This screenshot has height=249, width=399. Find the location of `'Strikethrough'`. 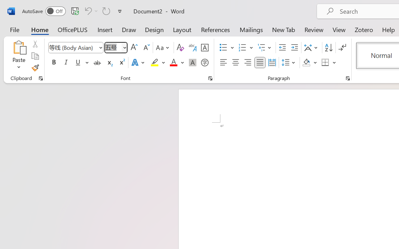

'Strikethrough' is located at coordinates (97, 63).